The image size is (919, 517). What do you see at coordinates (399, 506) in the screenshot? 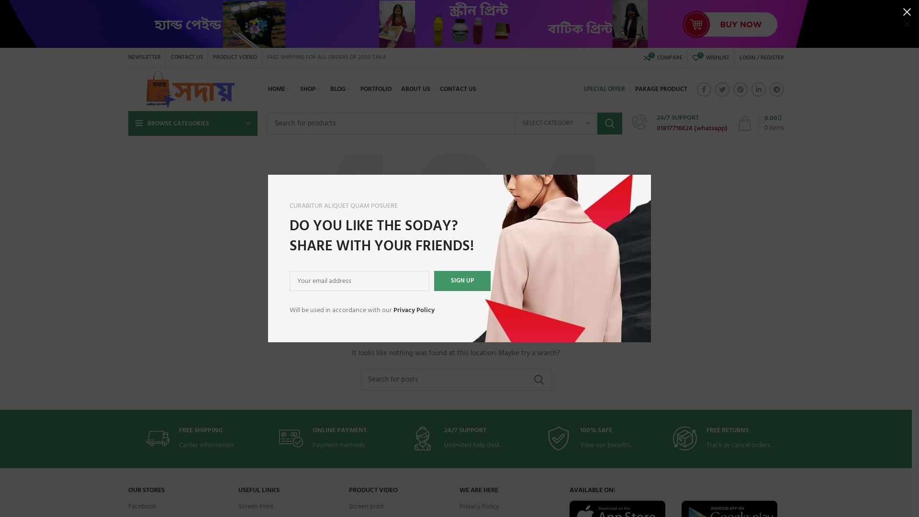
I see `'Screen print'` at bounding box center [399, 506].